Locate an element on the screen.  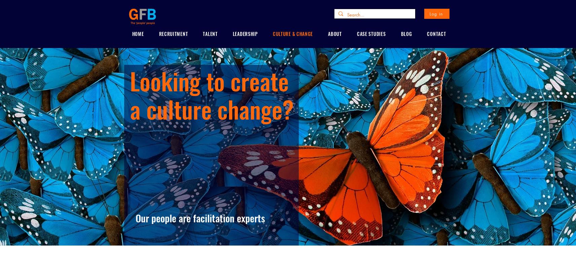
'LEADERSHIP' is located at coordinates (245, 33).